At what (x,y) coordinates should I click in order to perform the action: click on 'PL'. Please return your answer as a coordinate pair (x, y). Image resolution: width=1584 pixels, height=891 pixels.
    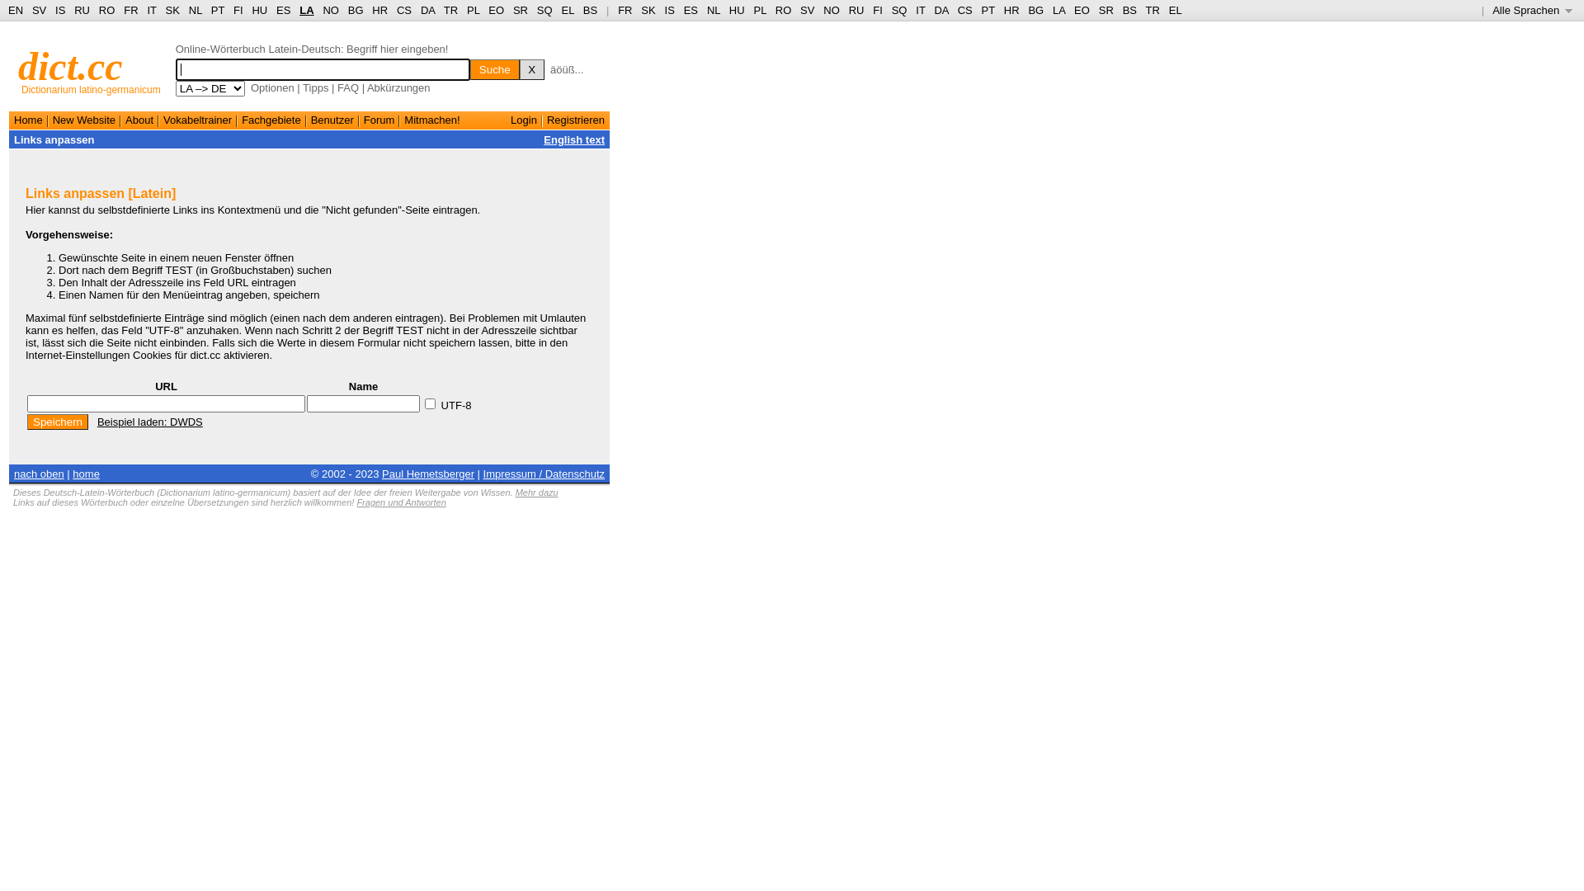
    Looking at the image, I should click on (472, 10).